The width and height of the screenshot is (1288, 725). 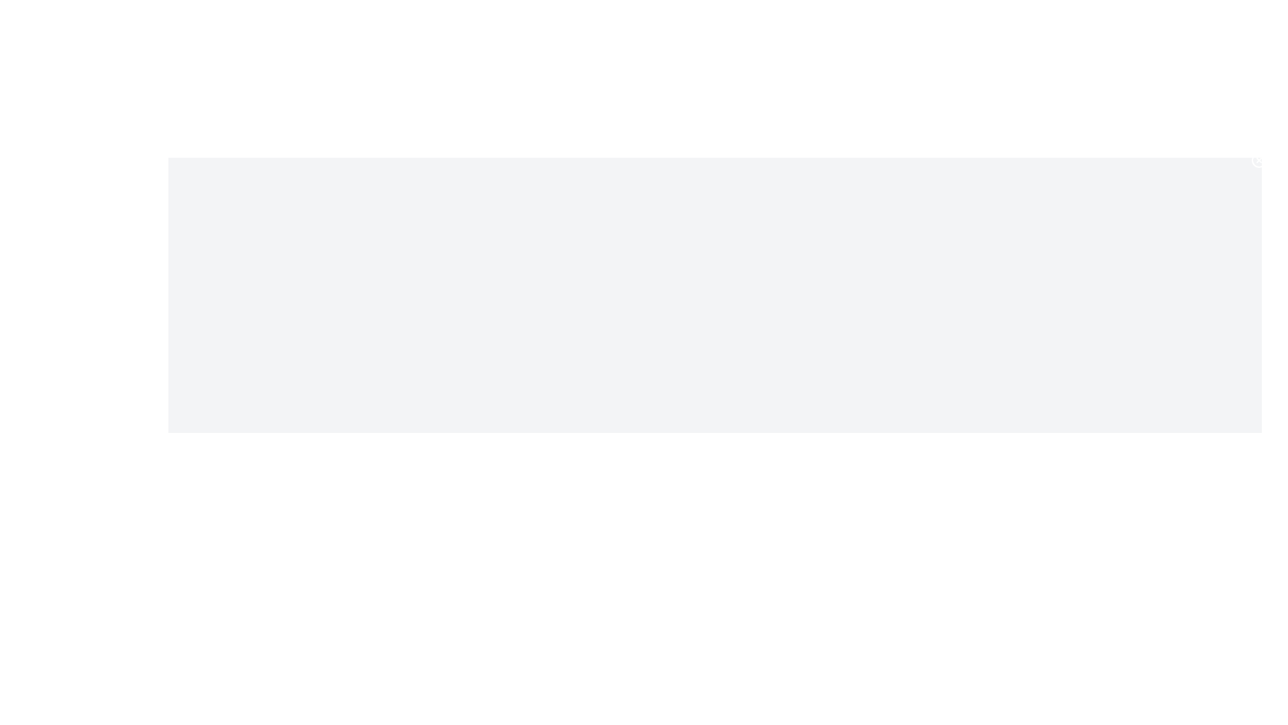 I want to click on the close button located at the top-right corner of the dialog box, so click(x=1258, y=160).